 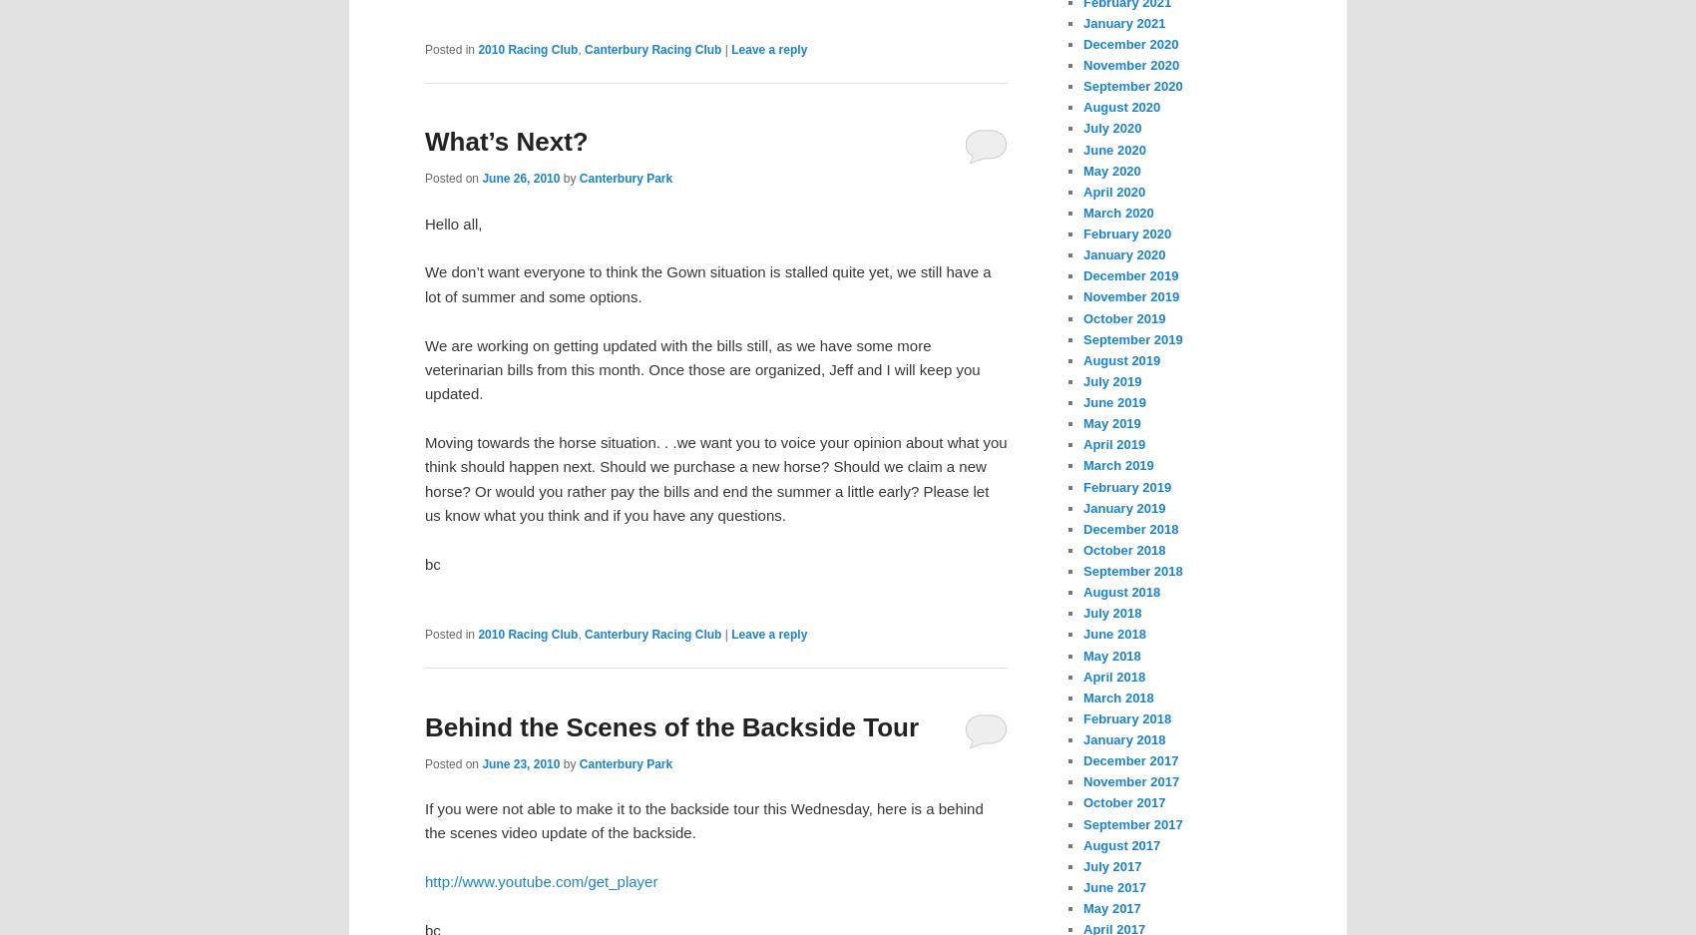 What do you see at coordinates (1121, 591) in the screenshot?
I see `'August 2018'` at bounding box center [1121, 591].